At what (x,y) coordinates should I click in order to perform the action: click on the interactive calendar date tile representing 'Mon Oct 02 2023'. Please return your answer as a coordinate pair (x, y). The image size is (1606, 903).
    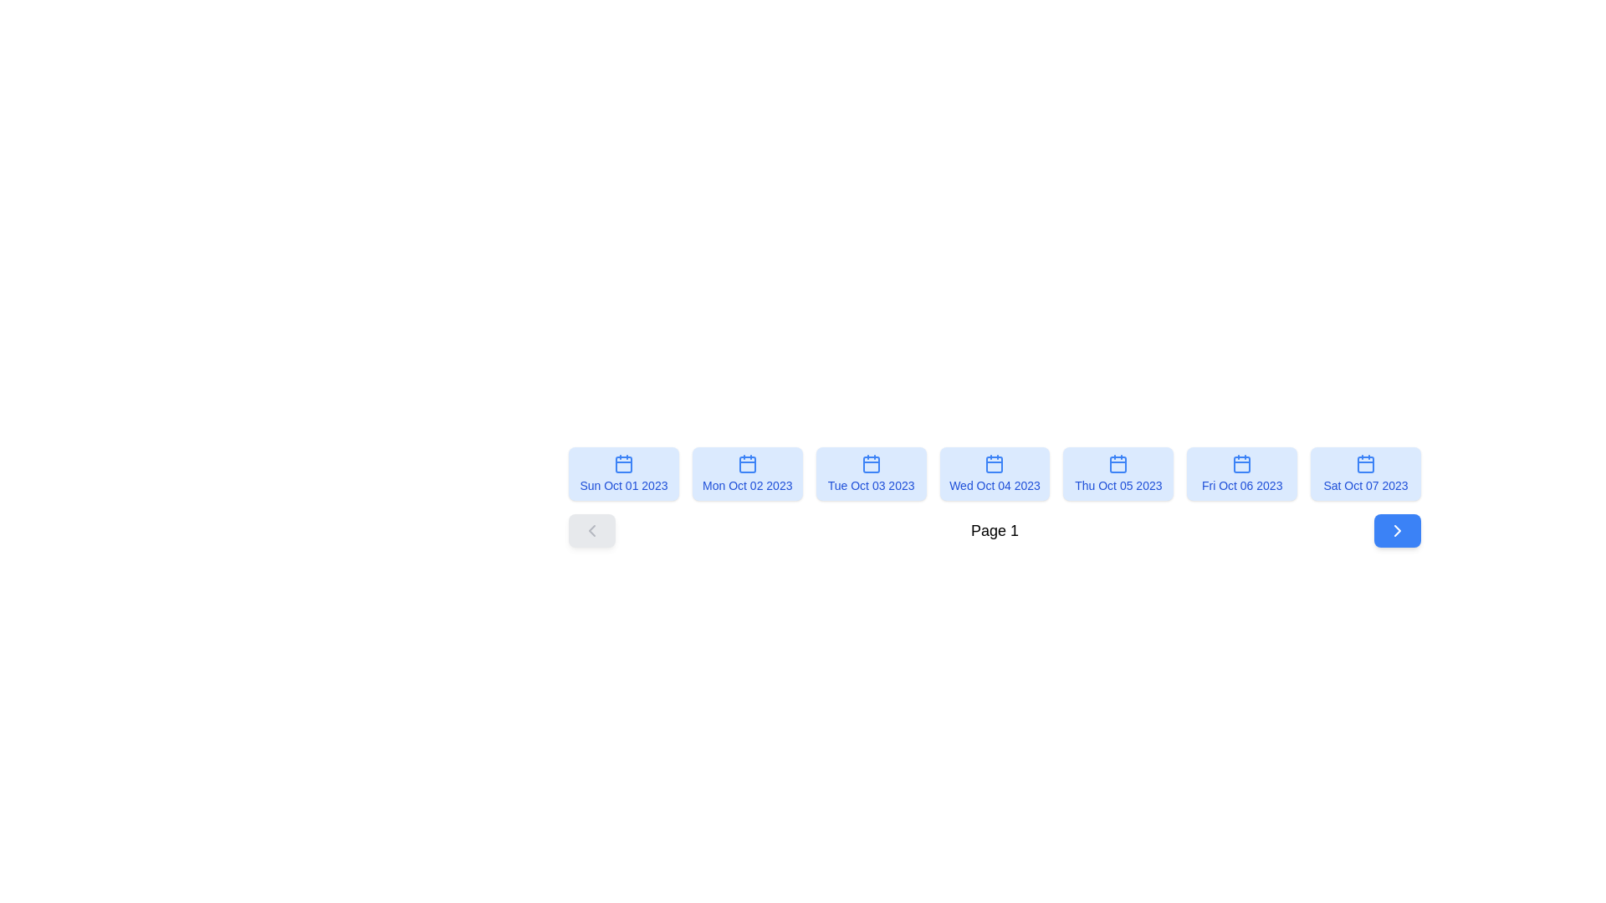
    Looking at the image, I should click on (746, 474).